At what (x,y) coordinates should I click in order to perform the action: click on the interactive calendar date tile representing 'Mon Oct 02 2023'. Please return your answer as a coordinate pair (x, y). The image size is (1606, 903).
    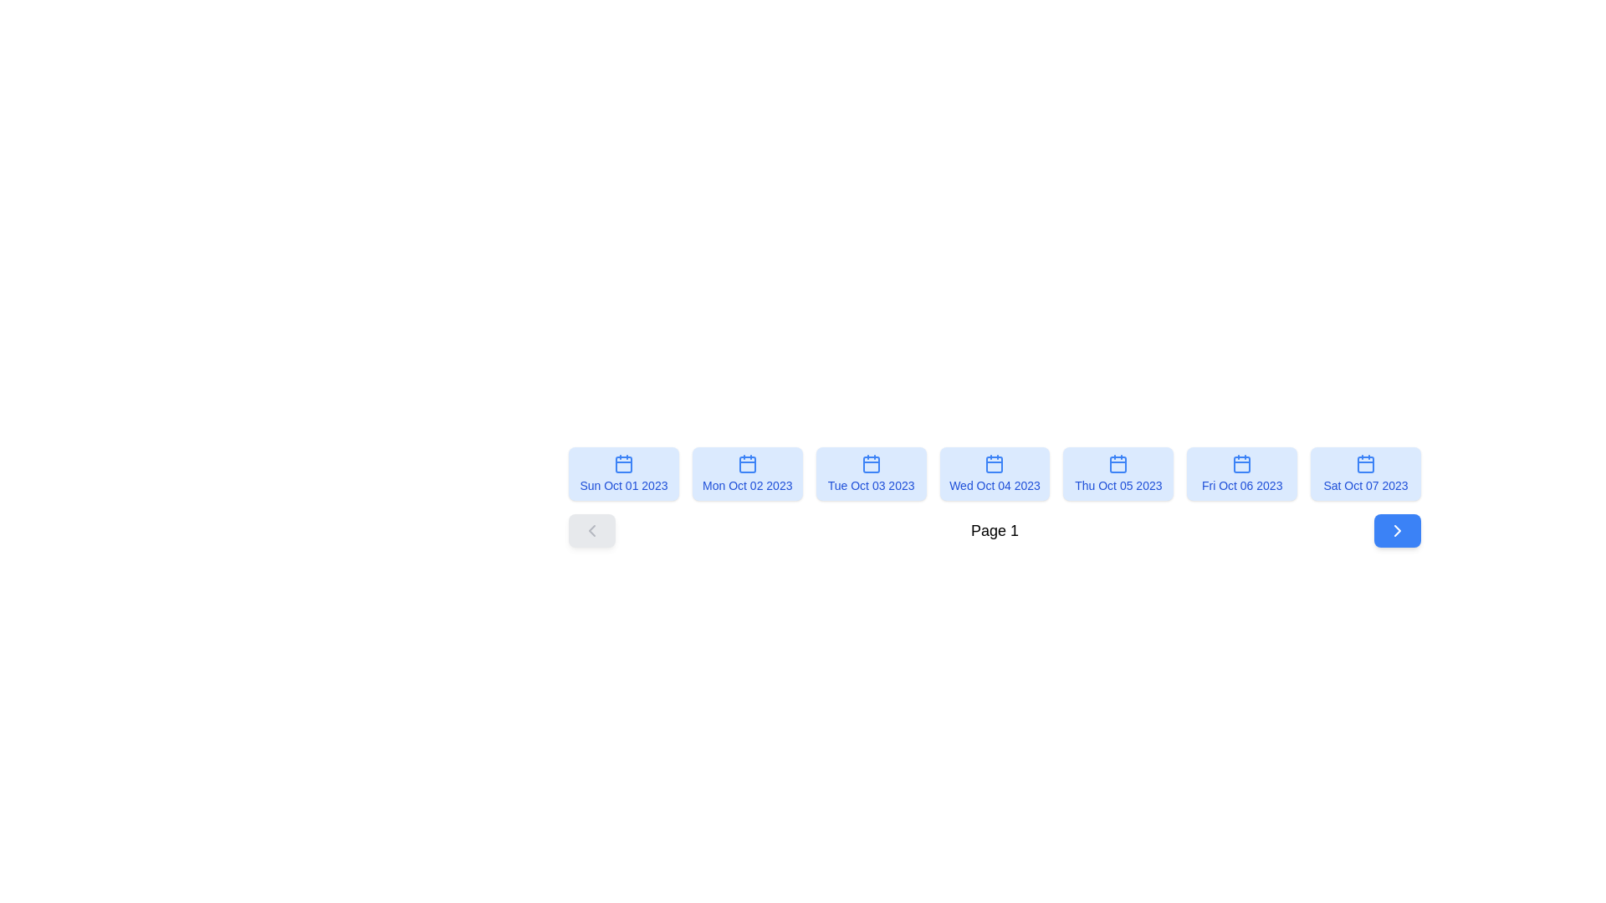
    Looking at the image, I should click on (746, 474).